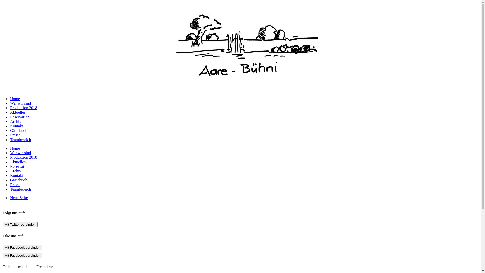 The image size is (485, 273). Describe the element at coordinates (20, 189) in the screenshot. I see `'Teambereich'` at that location.